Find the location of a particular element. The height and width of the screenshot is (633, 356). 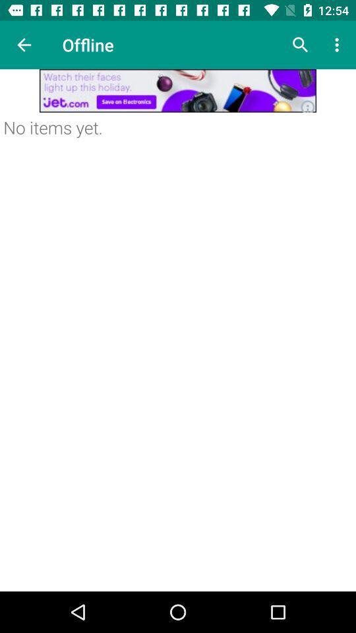

search app is located at coordinates (300, 45).